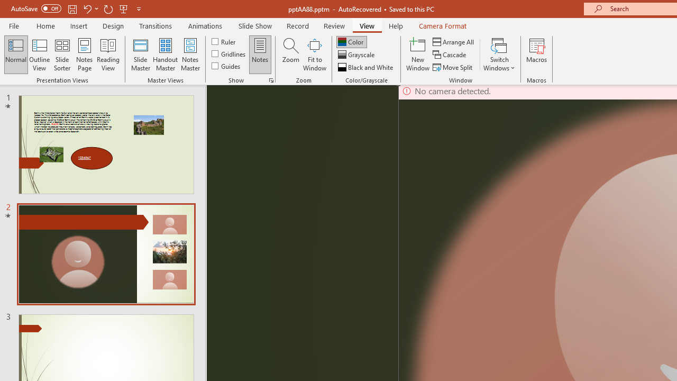 This screenshot has height=381, width=677. Describe the element at coordinates (139, 8) in the screenshot. I see `'Customize Quick Access Toolbar'` at that location.